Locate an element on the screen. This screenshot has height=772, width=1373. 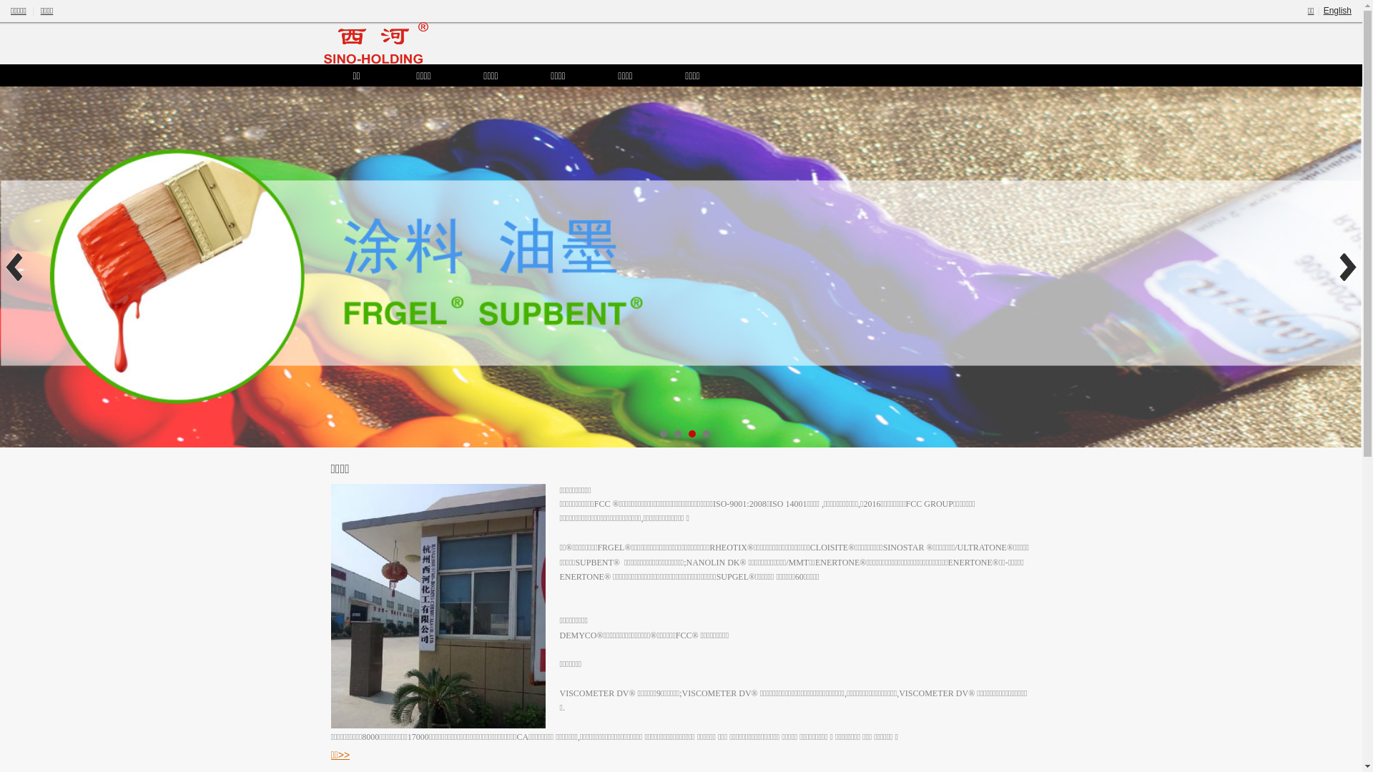
'English' is located at coordinates (1337, 11).